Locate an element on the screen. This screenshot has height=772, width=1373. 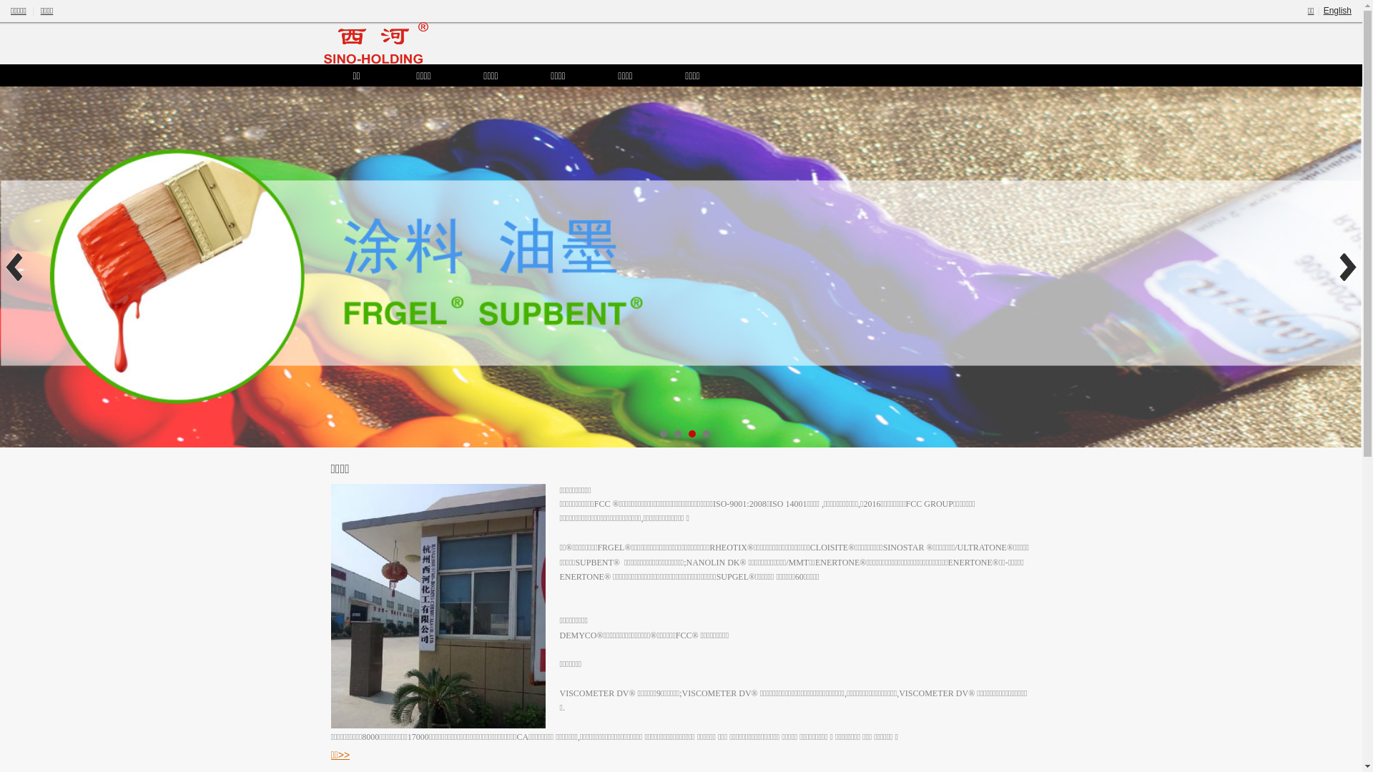
'English' is located at coordinates (1337, 11).